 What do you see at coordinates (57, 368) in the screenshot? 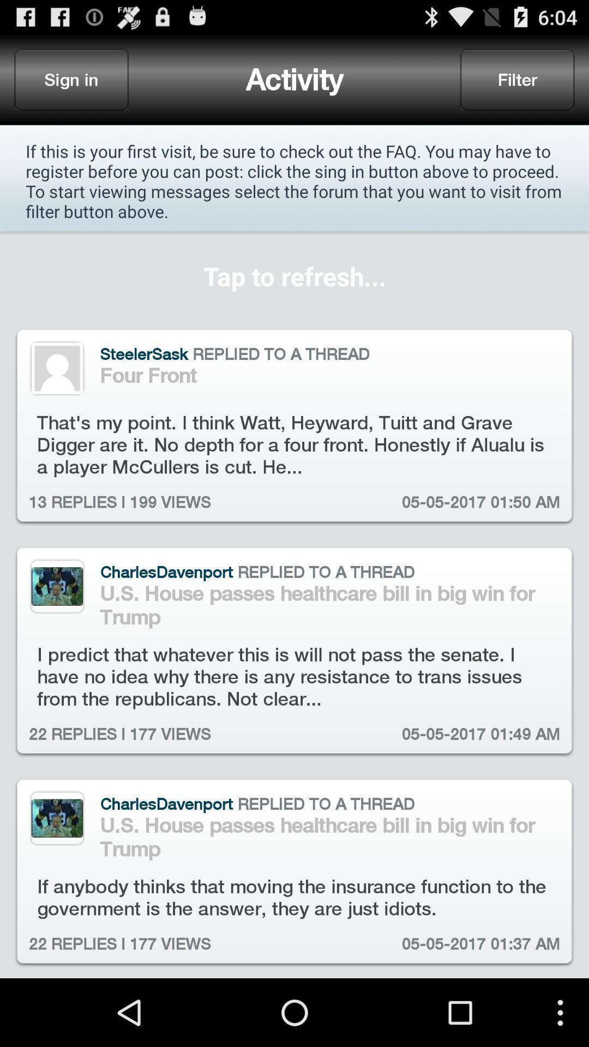
I see `profile icon` at bounding box center [57, 368].